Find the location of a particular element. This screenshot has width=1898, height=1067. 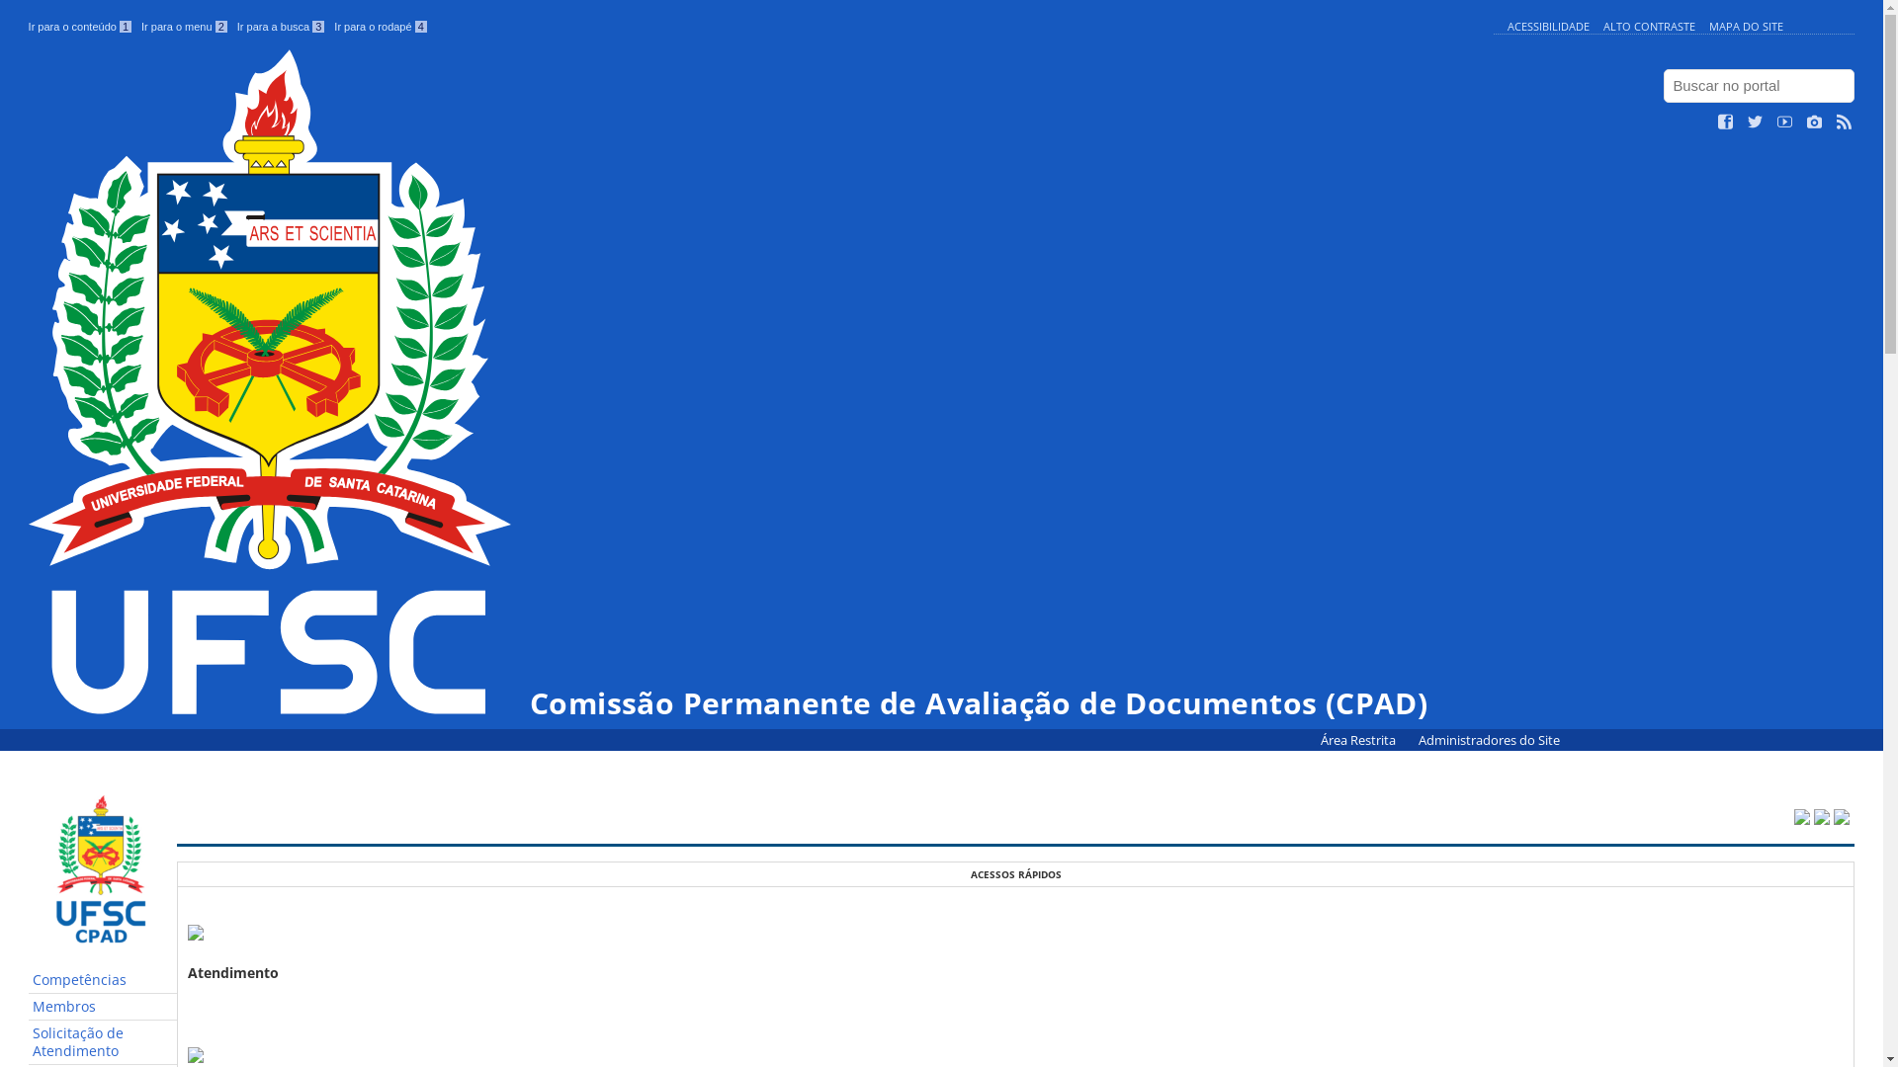

'Curta no Facebook' is located at coordinates (1725, 122).